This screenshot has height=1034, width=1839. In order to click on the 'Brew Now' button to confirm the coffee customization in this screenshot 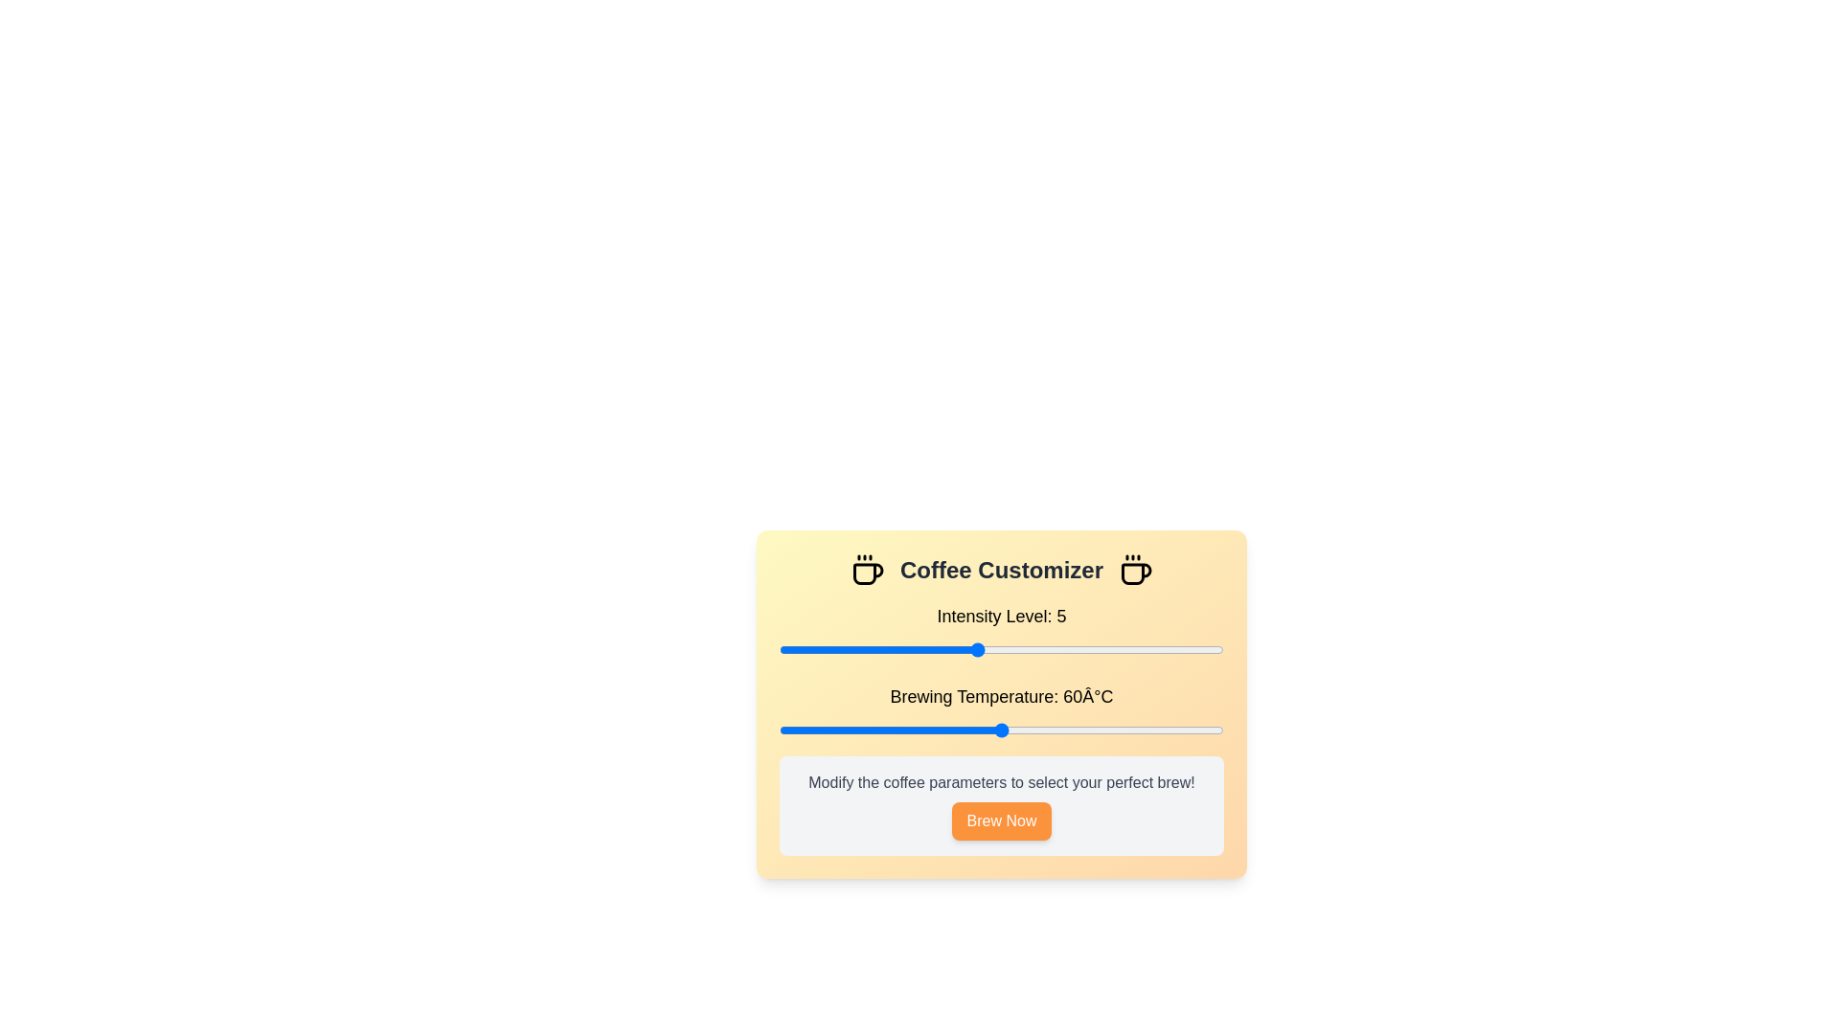, I will do `click(1001, 820)`.